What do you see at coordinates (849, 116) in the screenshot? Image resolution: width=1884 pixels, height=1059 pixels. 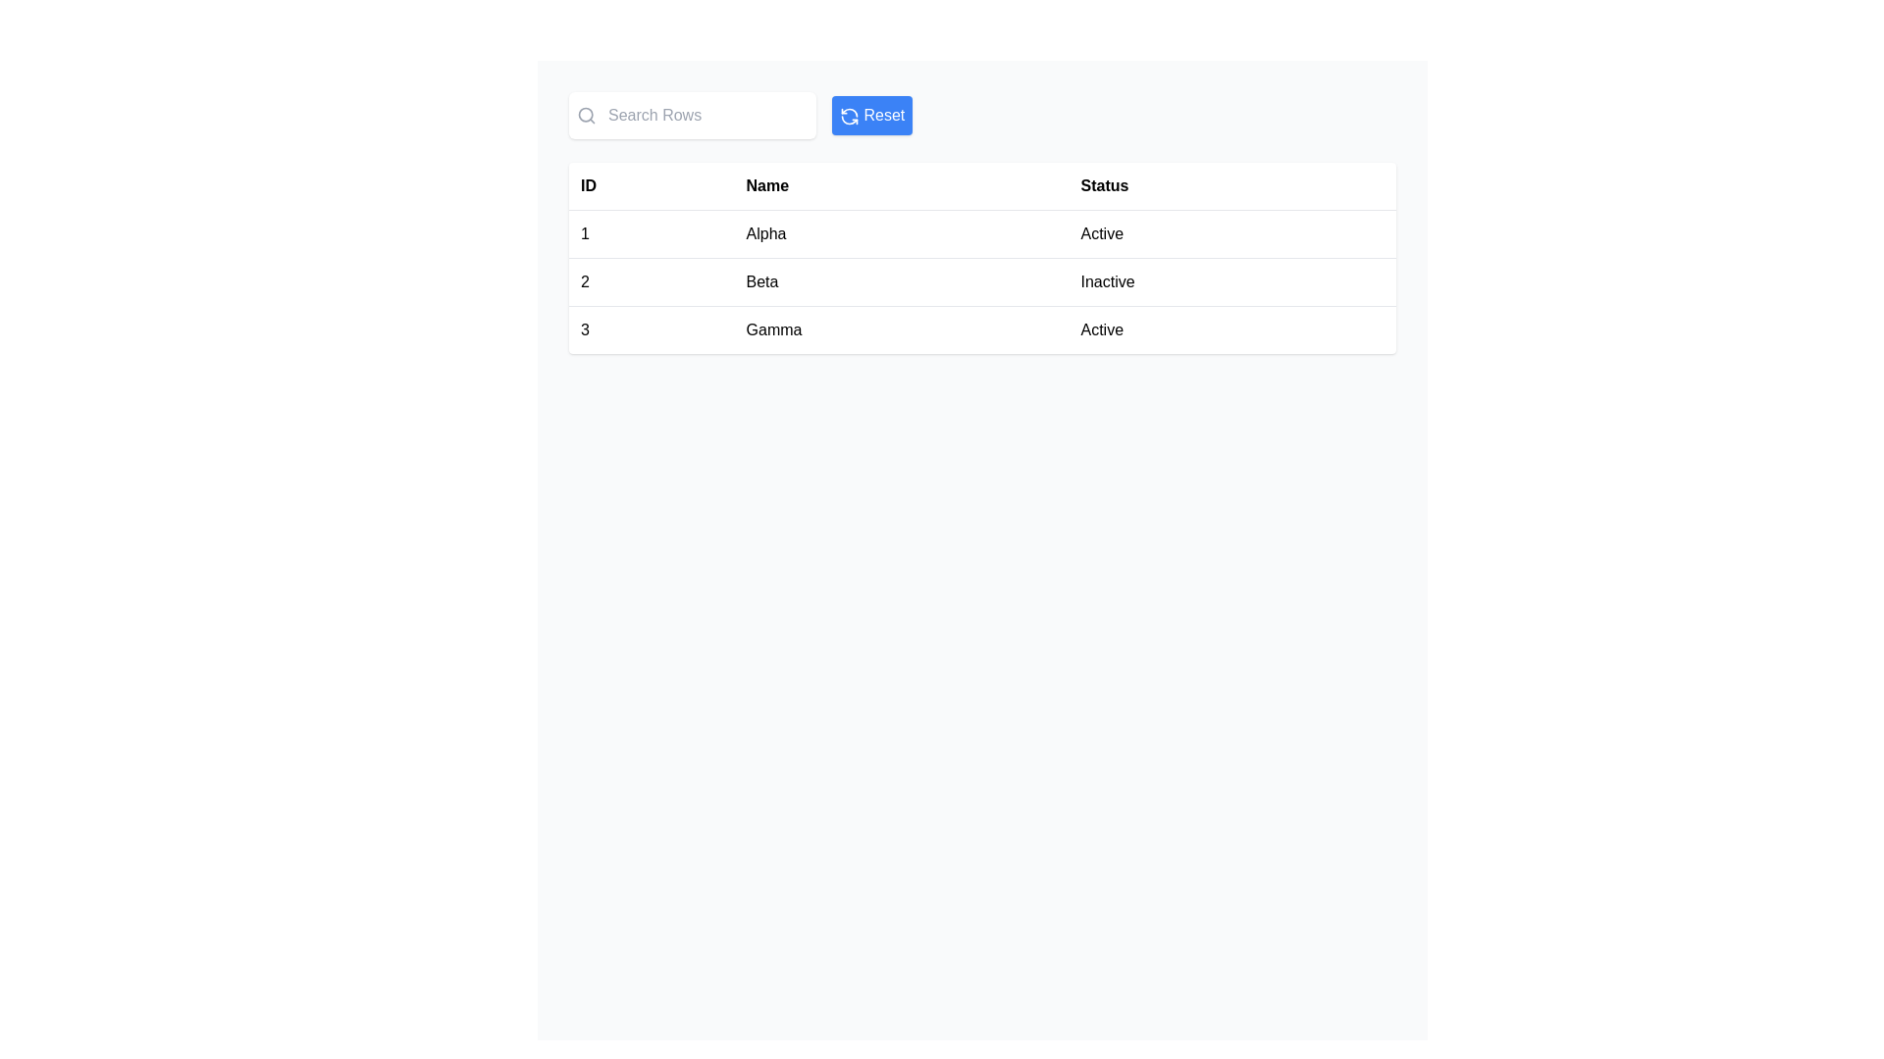 I see `the center of the refresh icon styled as a circular arrow located within the blue 'Reset' button` at bounding box center [849, 116].